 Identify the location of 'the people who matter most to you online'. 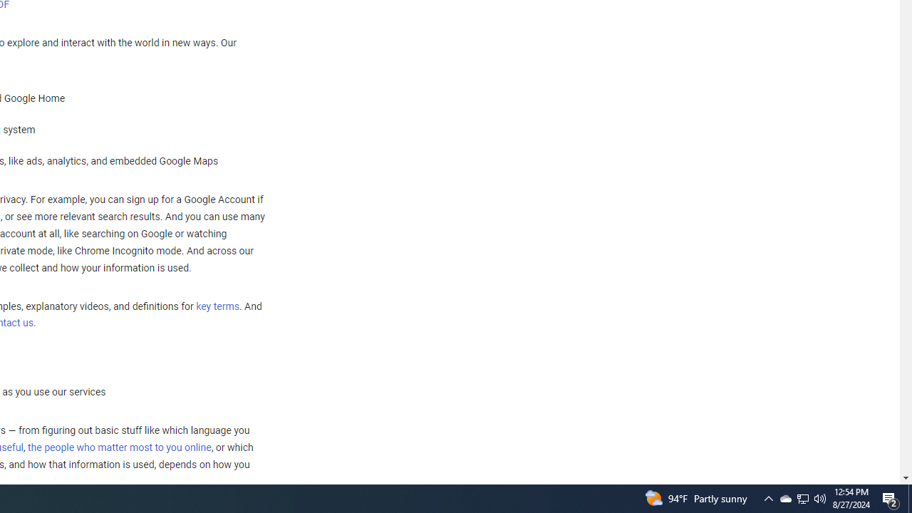
(119, 447).